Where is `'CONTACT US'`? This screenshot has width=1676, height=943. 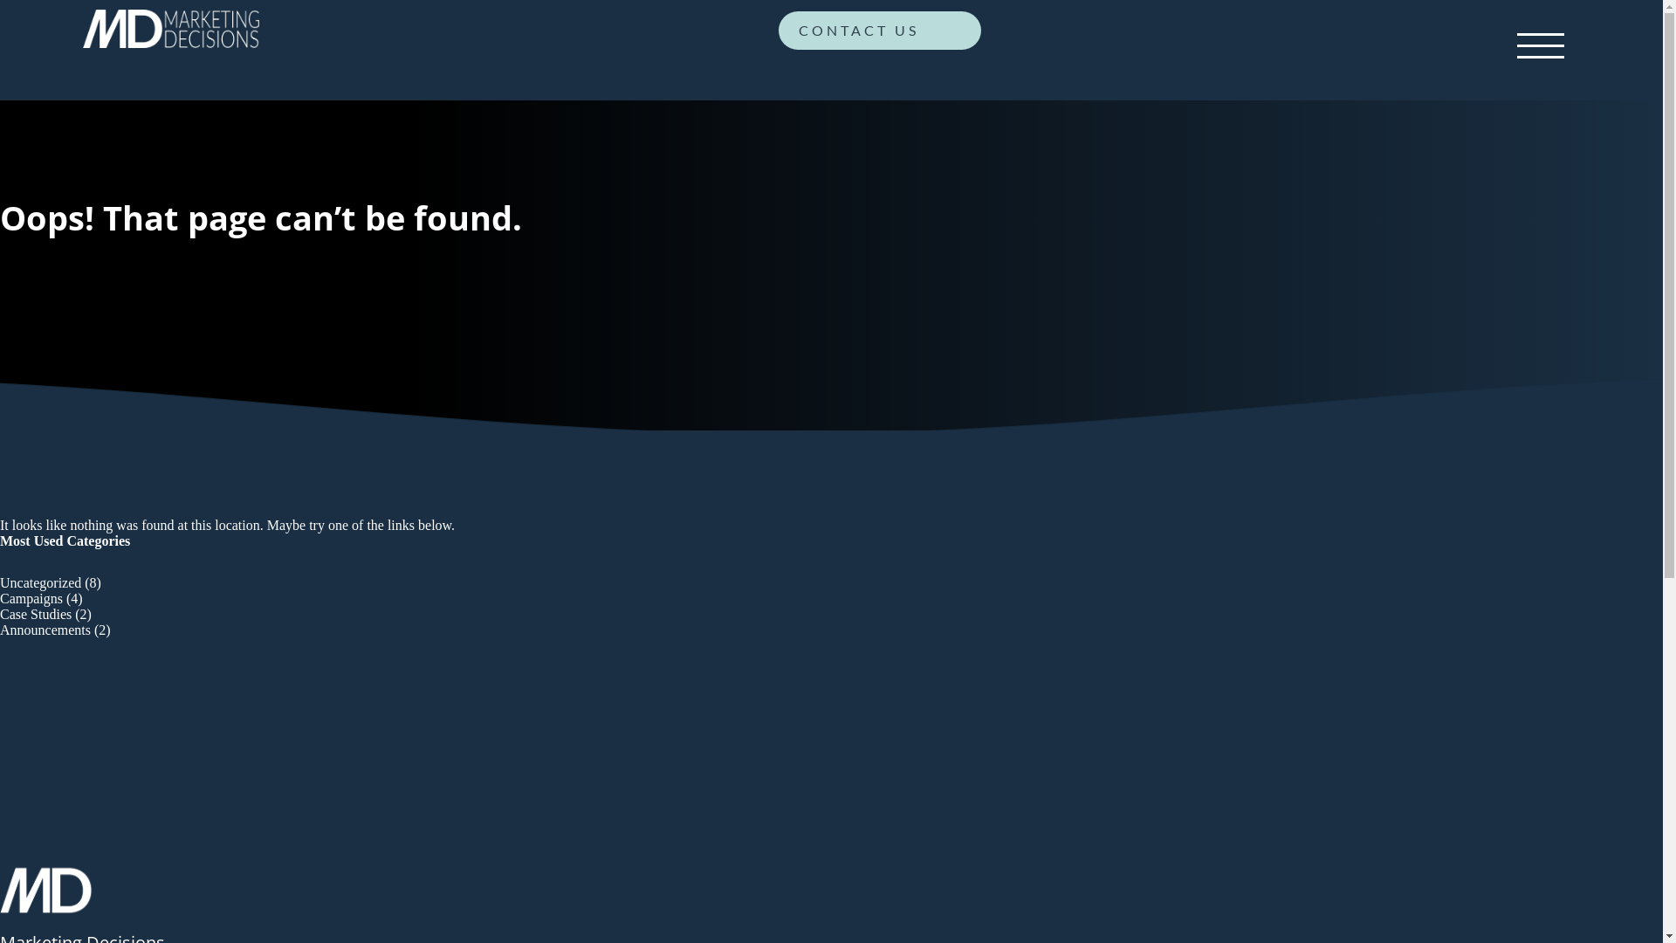
'CONTACT US' is located at coordinates (880, 34).